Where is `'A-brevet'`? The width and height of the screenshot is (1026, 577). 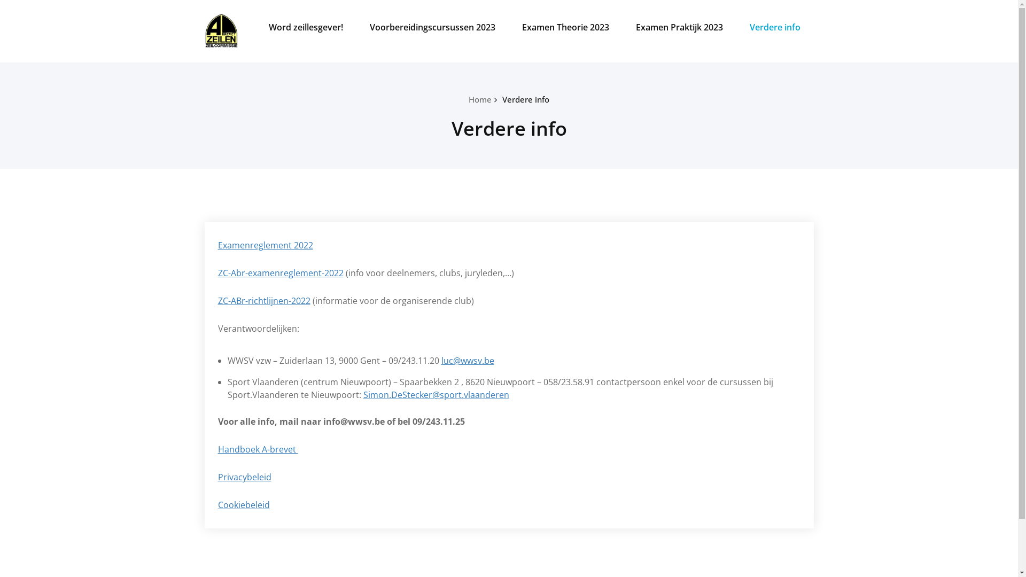
'A-brevet' is located at coordinates (245, 18).